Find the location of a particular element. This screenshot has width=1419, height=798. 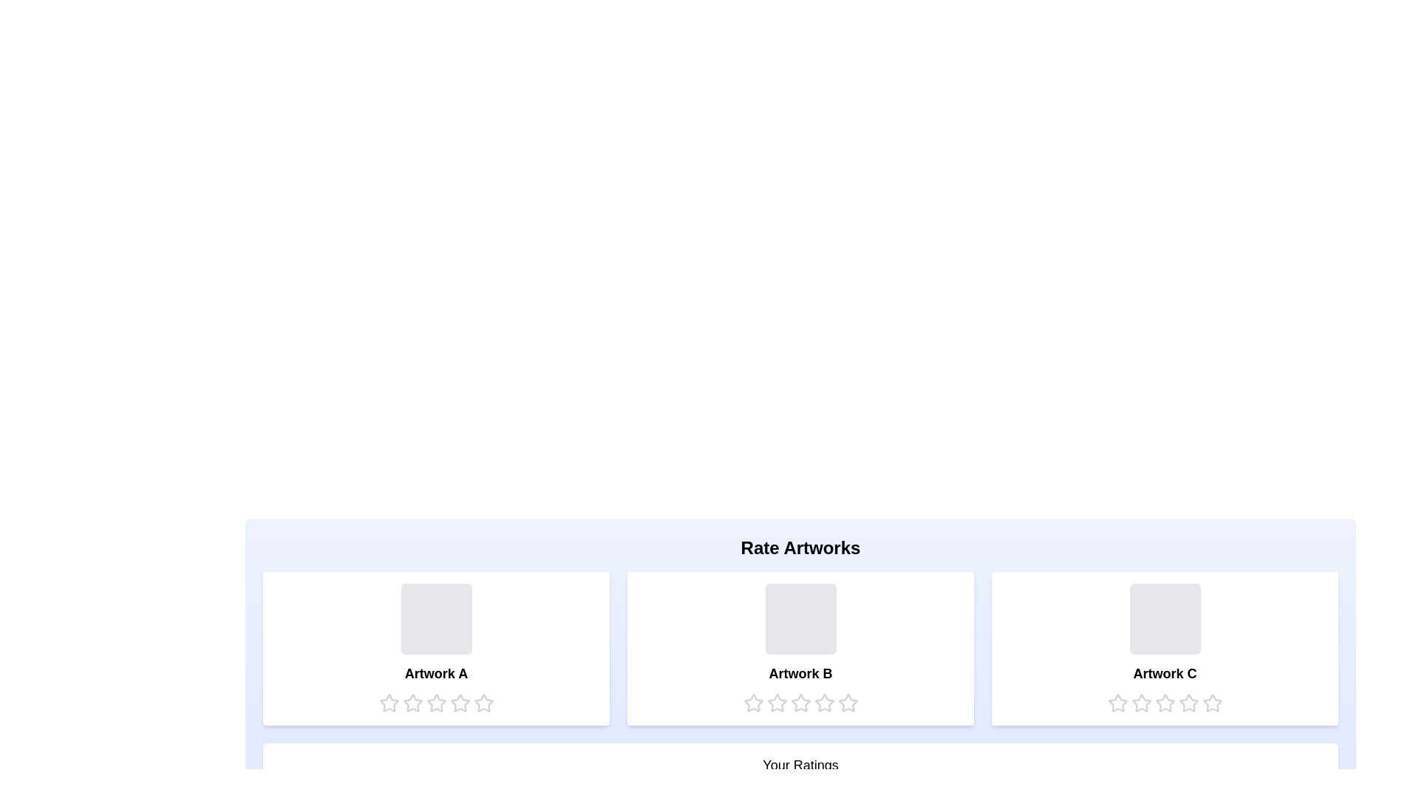

the star corresponding to the rating 5 for the artwork Artwork C is located at coordinates (1212, 703).